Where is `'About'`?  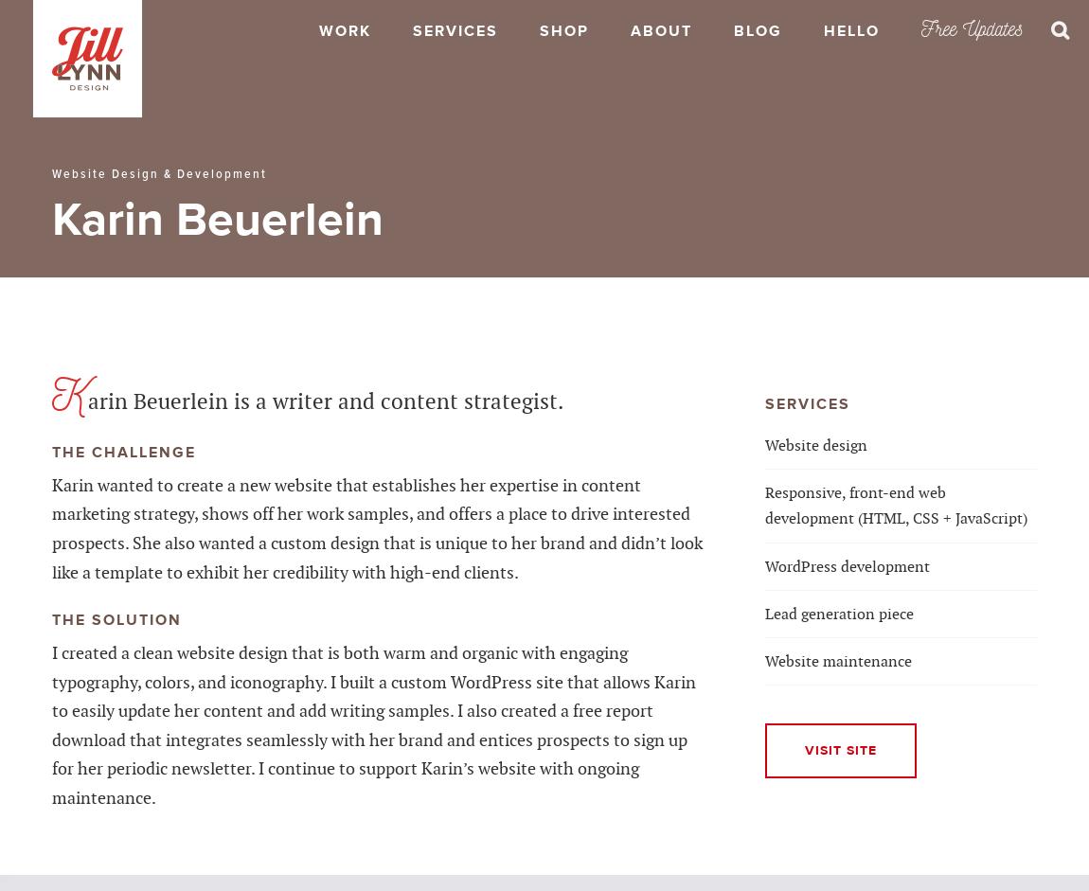
'About' is located at coordinates (660, 31).